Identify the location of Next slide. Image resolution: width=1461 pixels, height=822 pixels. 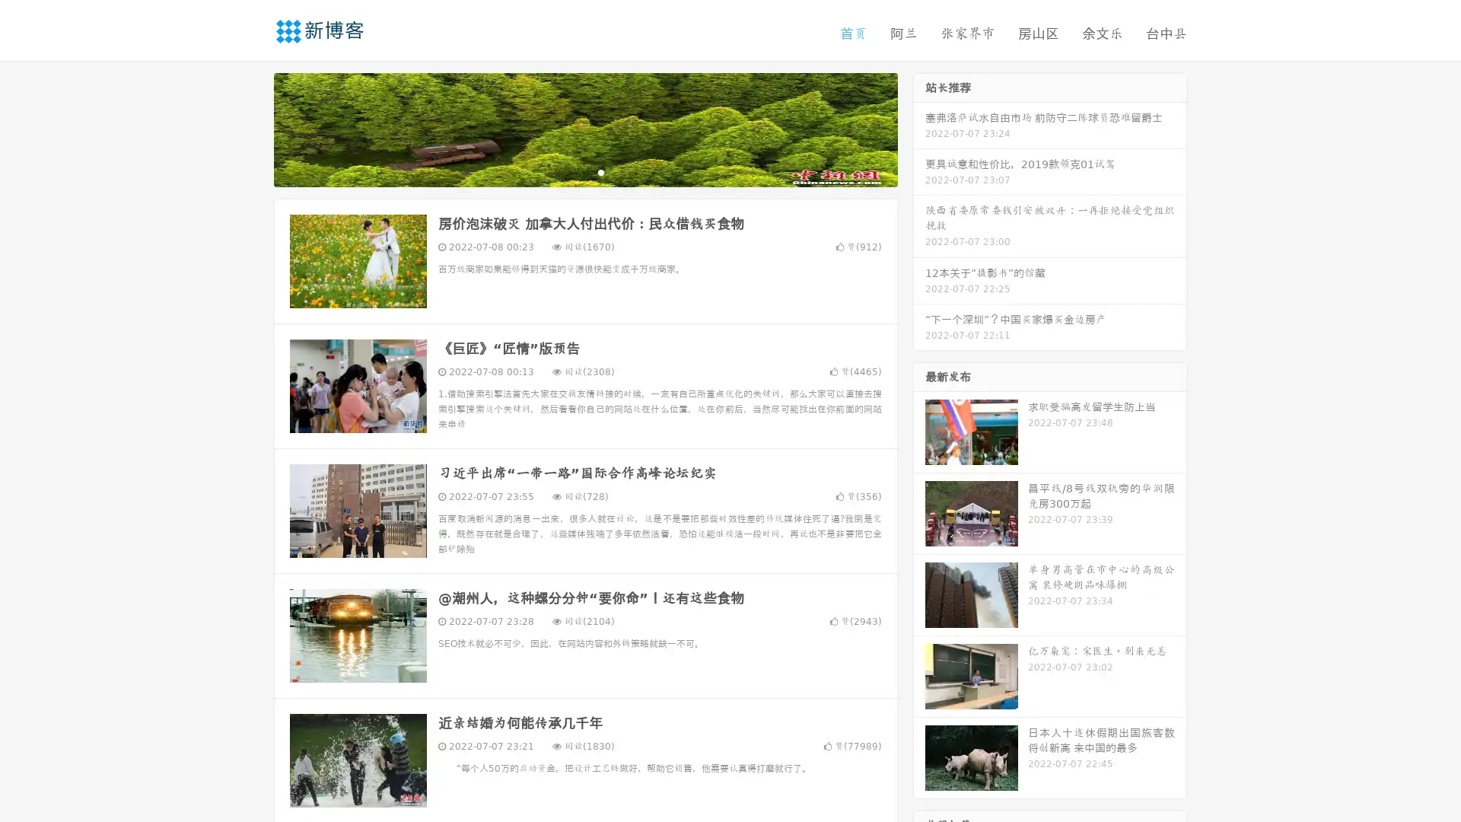
(919, 128).